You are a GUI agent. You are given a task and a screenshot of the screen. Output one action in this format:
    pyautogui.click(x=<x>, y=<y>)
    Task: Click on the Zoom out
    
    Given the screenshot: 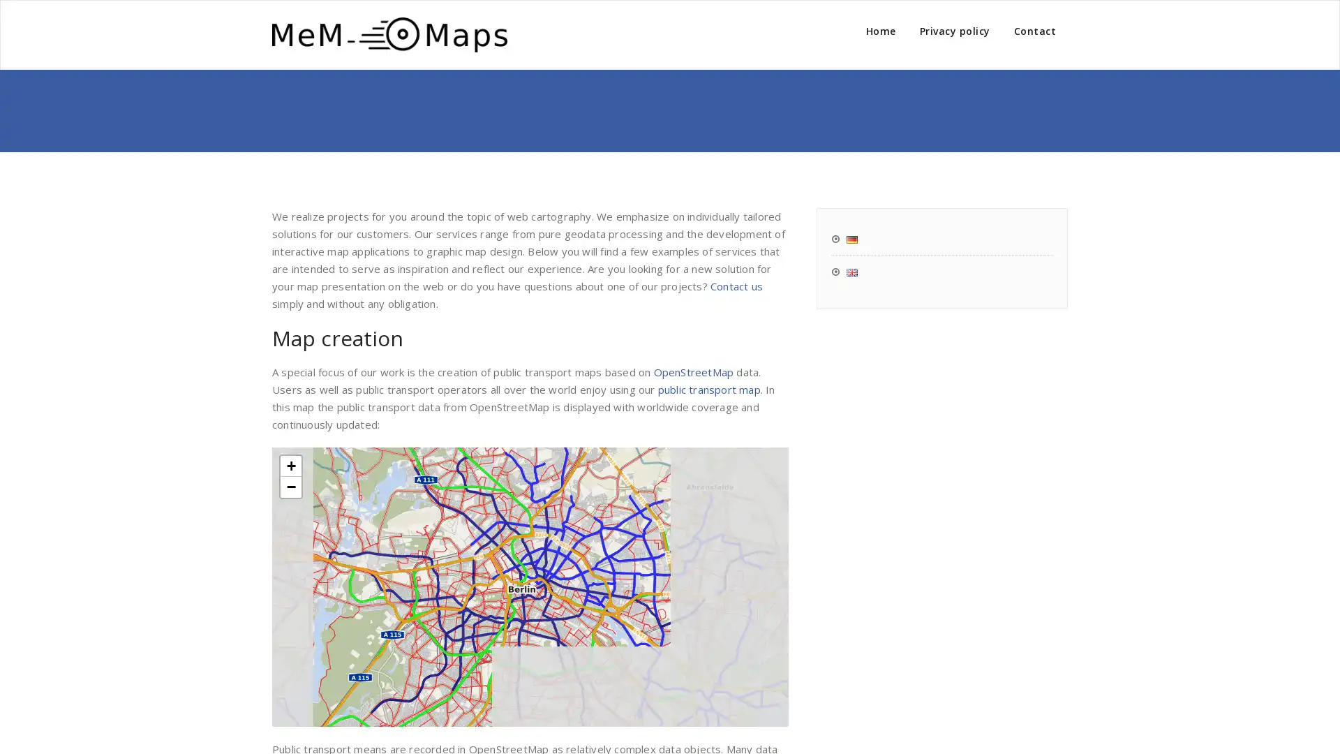 What is the action you would take?
    pyautogui.click(x=290, y=486)
    